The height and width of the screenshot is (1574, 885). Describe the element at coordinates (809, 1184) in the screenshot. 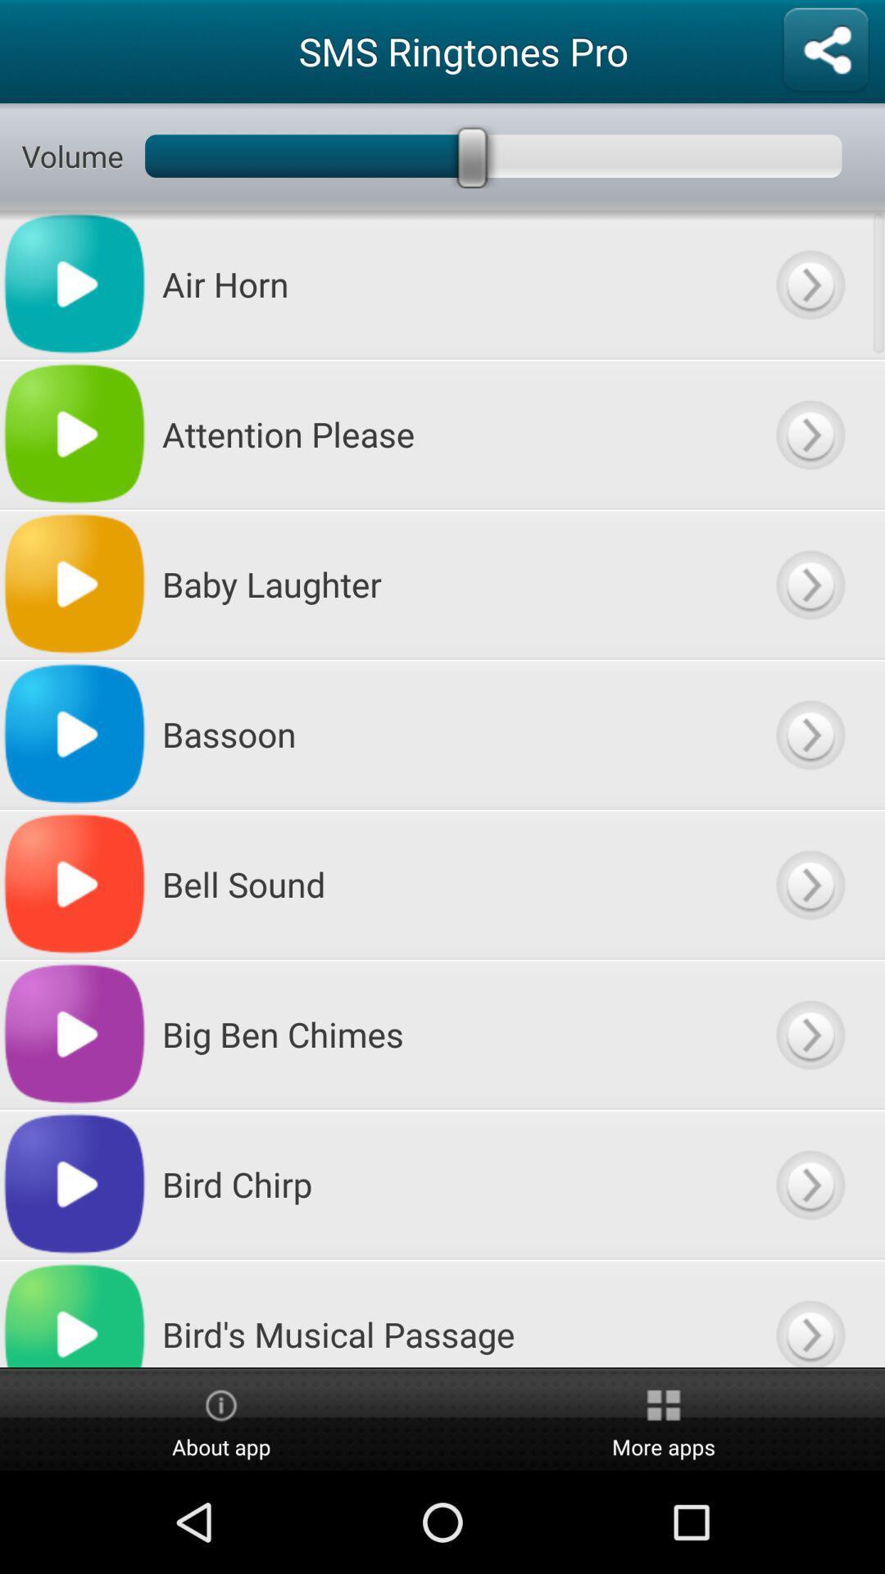

I see `bird chrip` at that location.